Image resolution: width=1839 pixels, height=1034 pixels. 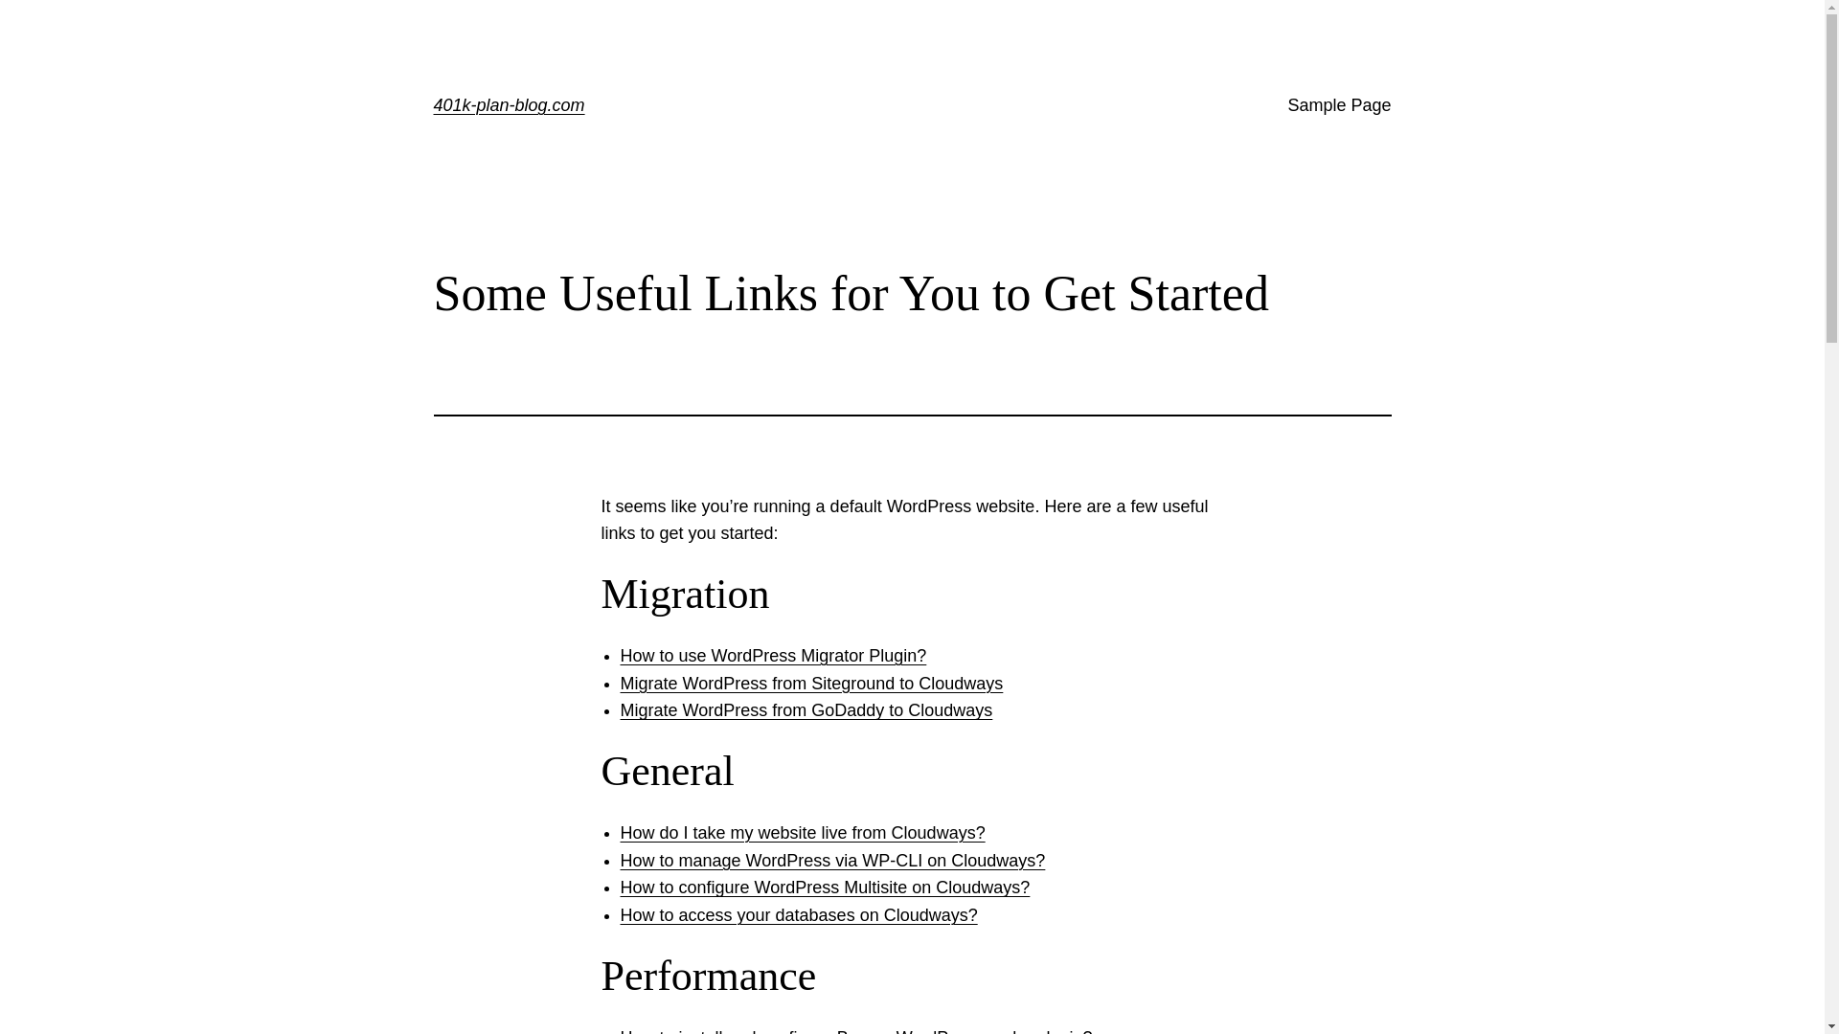 I want to click on 'Migrate WordPress from Siteground to Cloudways', so click(x=812, y=682).